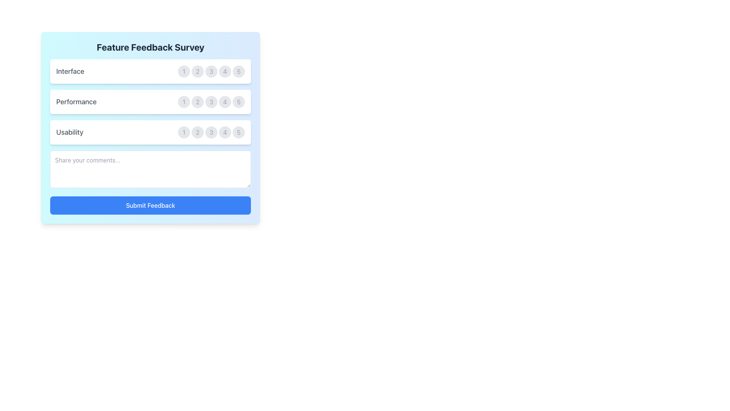 The width and height of the screenshot is (730, 411). Describe the element at coordinates (150, 205) in the screenshot. I see `the submit button located at the bottom of the survey card` at that location.